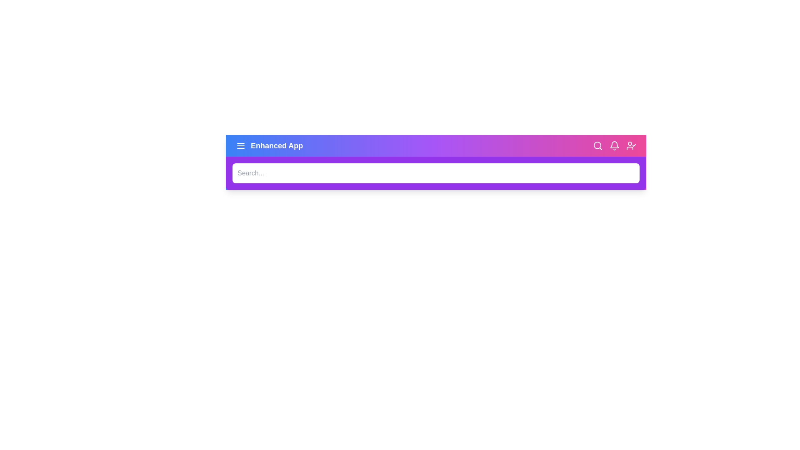 This screenshot has width=800, height=450. Describe the element at coordinates (597, 145) in the screenshot. I see `the 'Search' icon to toggle the visibility of the search bar` at that location.